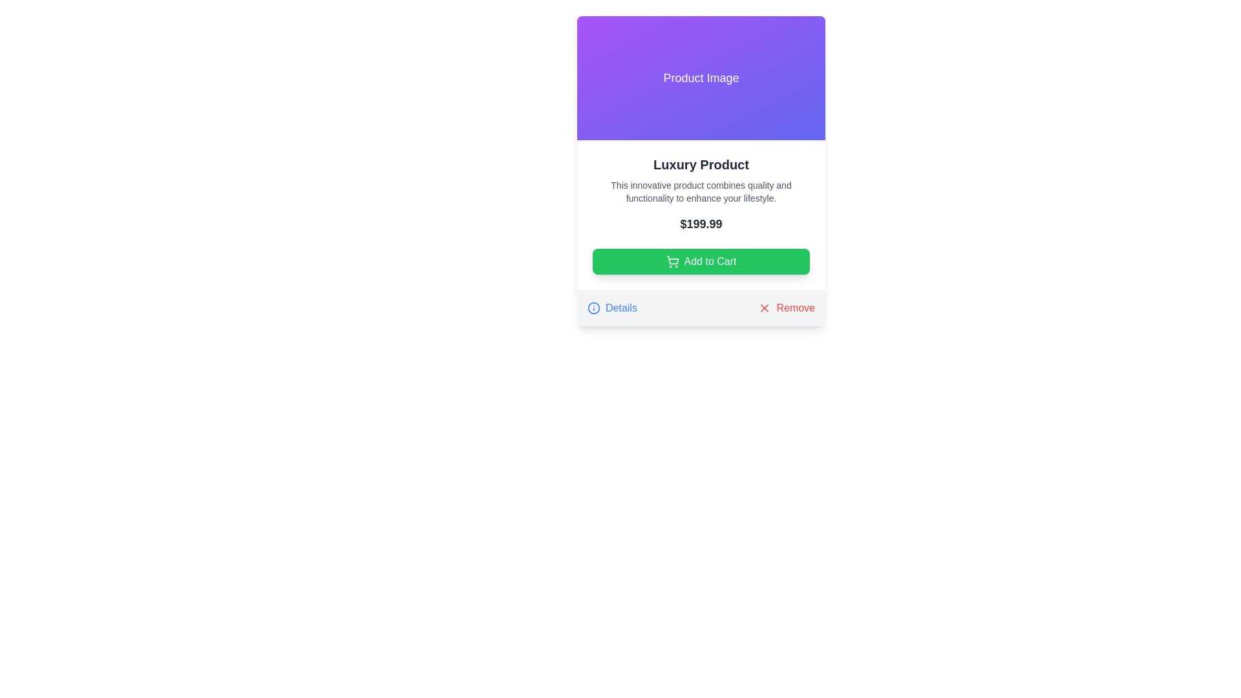 This screenshot has width=1241, height=698. What do you see at coordinates (710, 262) in the screenshot?
I see `the 'Add to Cart' text displayed on the green button, which indicates the functionality of adding an item to the cart` at bounding box center [710, 262].